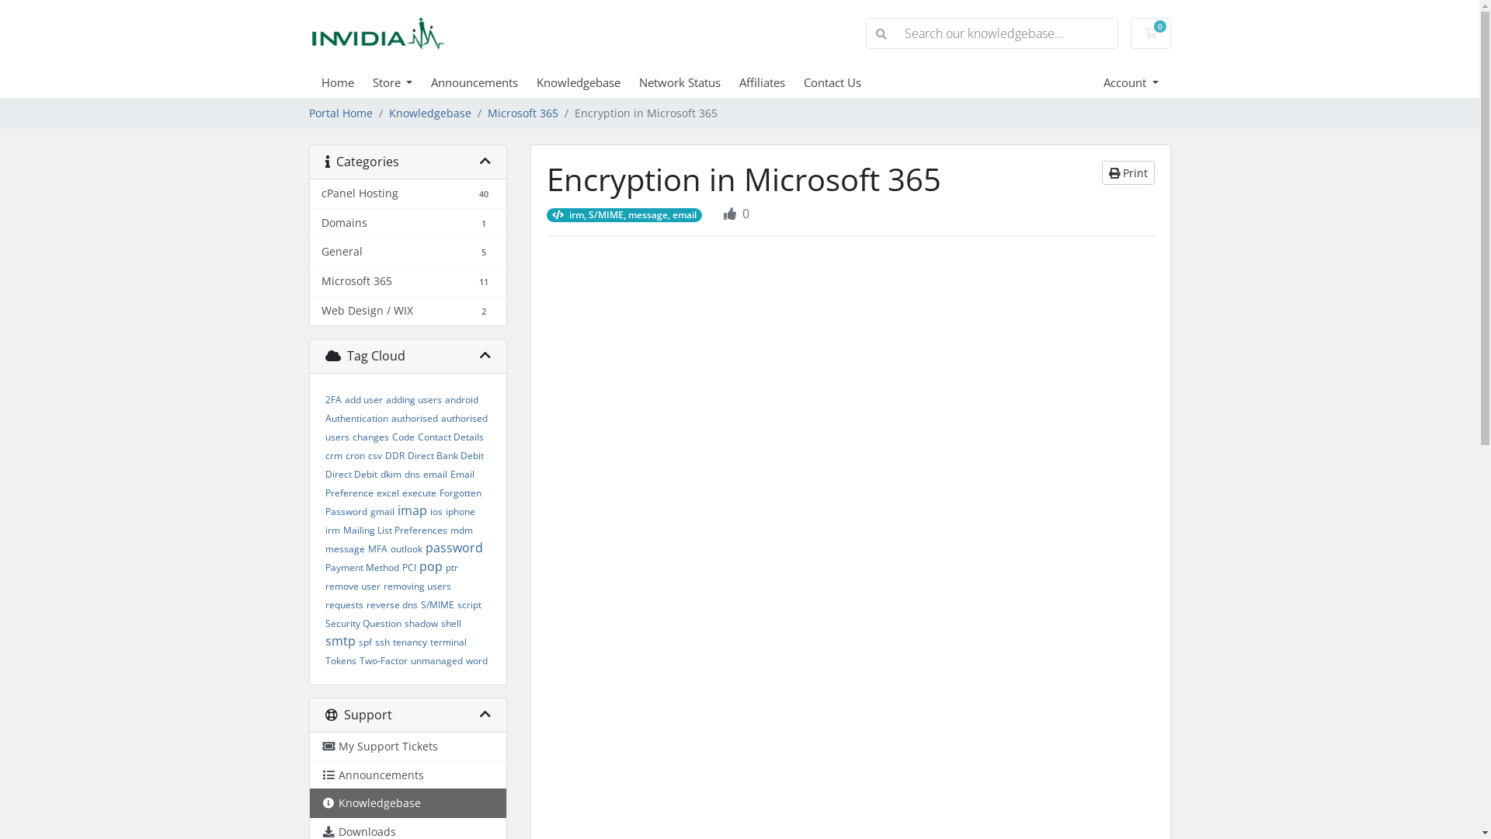 The image size is (1491, 839). I want to click on 'add user', so click(344, 399).